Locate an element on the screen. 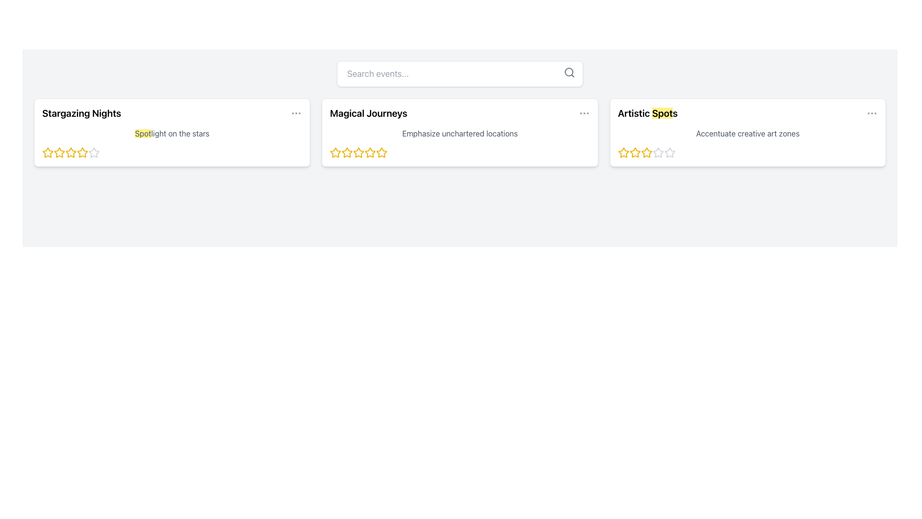 Image resolution: width=922 pixels, height=519 pixels. the text element 'Spot' which has a distinct yellow background, located in the first card titled 'Stargazing Nights' within the subtitle 'Spotlight on the stars' is located at coordinates (142, 133).